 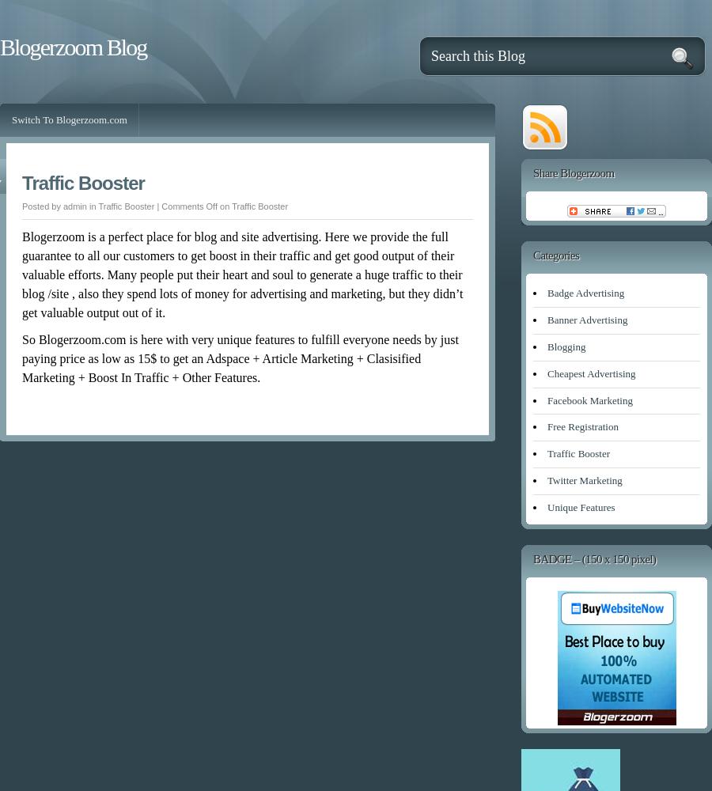 I want to click on 'Free Registration', so click(x=581, y=426).